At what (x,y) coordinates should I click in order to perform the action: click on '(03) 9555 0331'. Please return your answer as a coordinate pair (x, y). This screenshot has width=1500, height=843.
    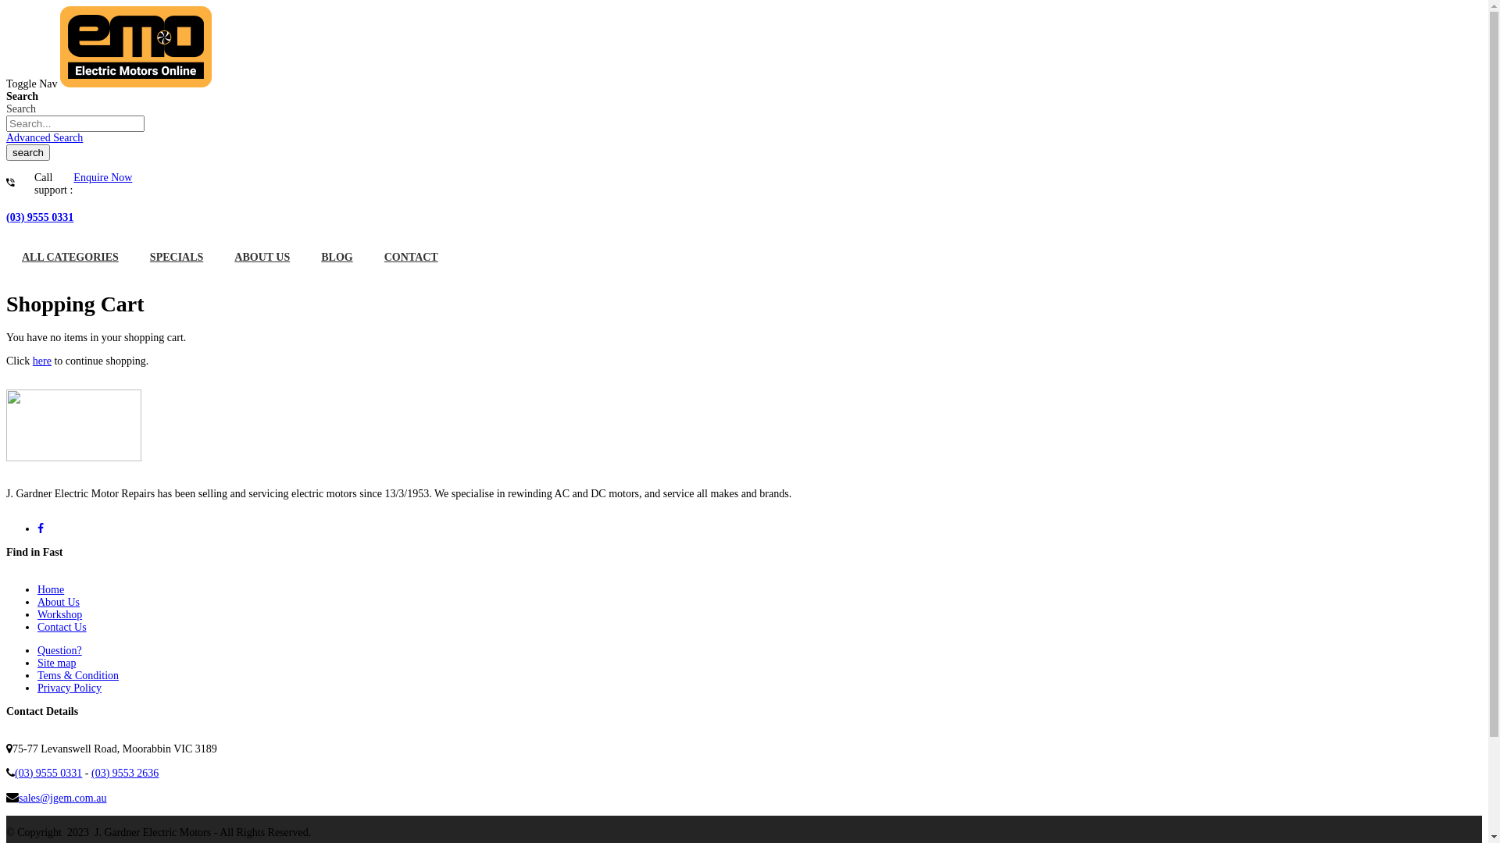
    Looking at the image, I should click on (40, 217).